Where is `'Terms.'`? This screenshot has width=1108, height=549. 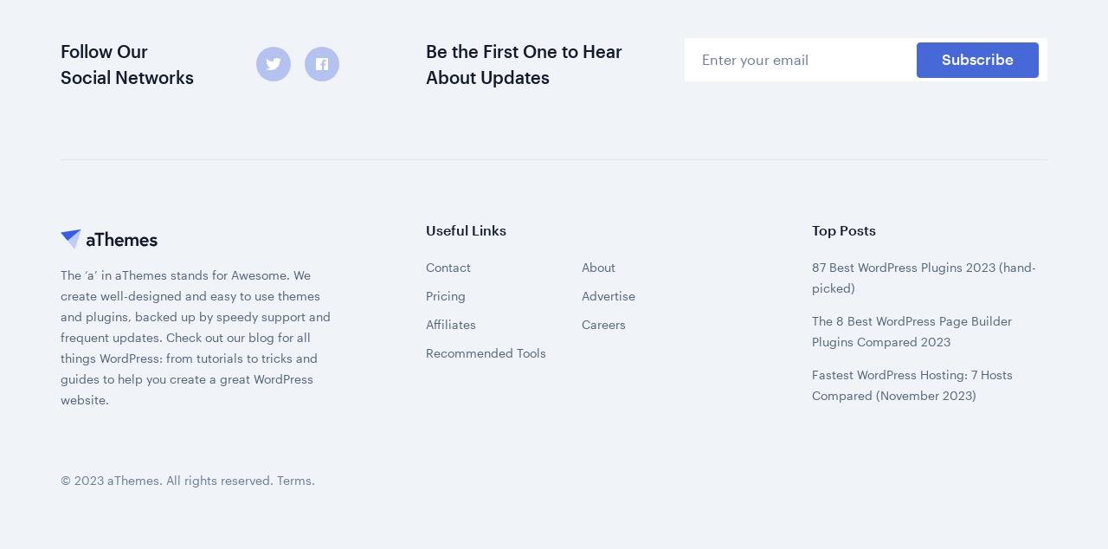 'Terms.' is located at coordinates (277, 261).